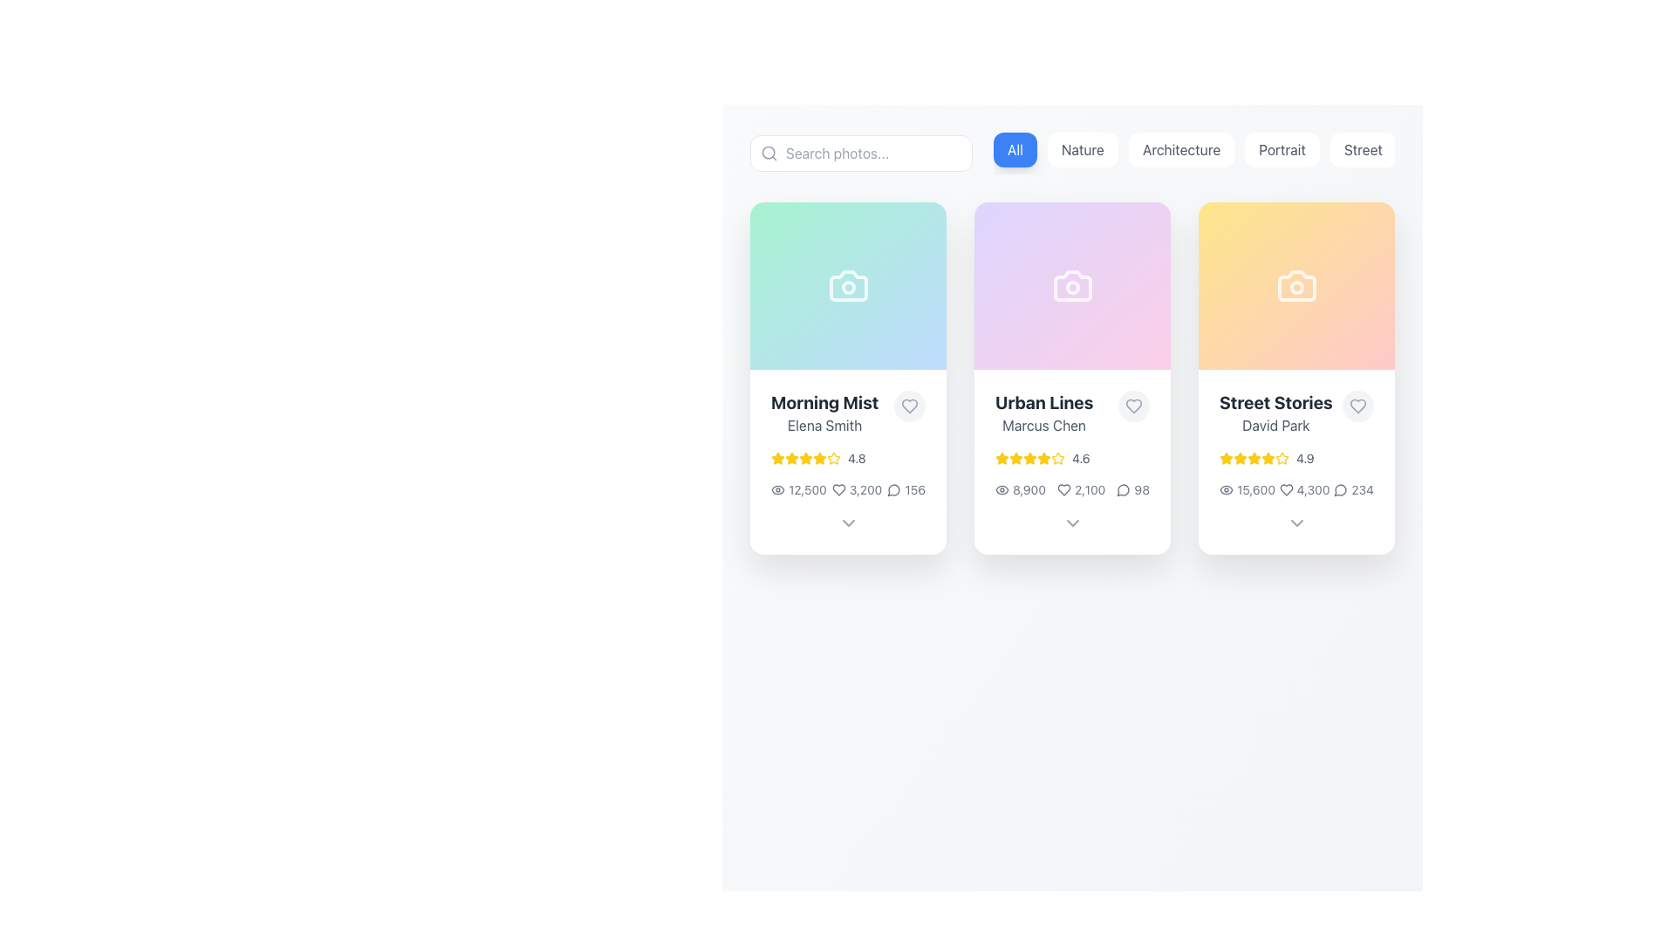 This screenshot has width=1675, height=942. I want to click on the rating value of the leftmost image card in the gallery, which displays metadata including title, creator, and interaction statistics, so click(848, 461).